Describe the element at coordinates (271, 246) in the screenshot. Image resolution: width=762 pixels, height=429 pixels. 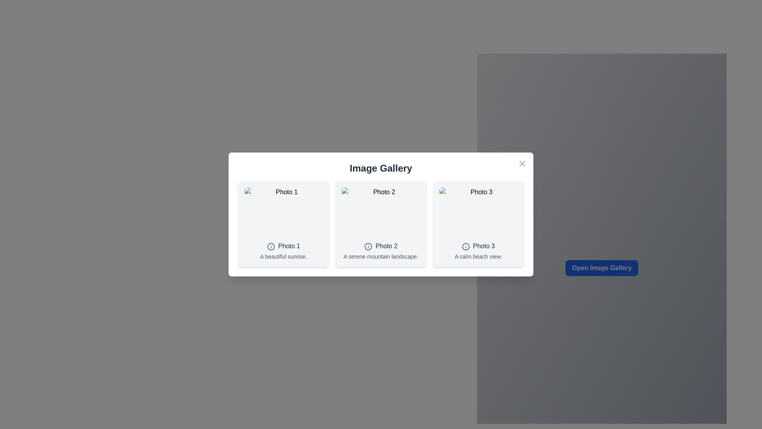
I see `the informational icon, which is a circular shape with a black border and a red interior, located centrally below the 'Photo 1' label in the first photo card of the 'Image Gallery' modal` at that location.